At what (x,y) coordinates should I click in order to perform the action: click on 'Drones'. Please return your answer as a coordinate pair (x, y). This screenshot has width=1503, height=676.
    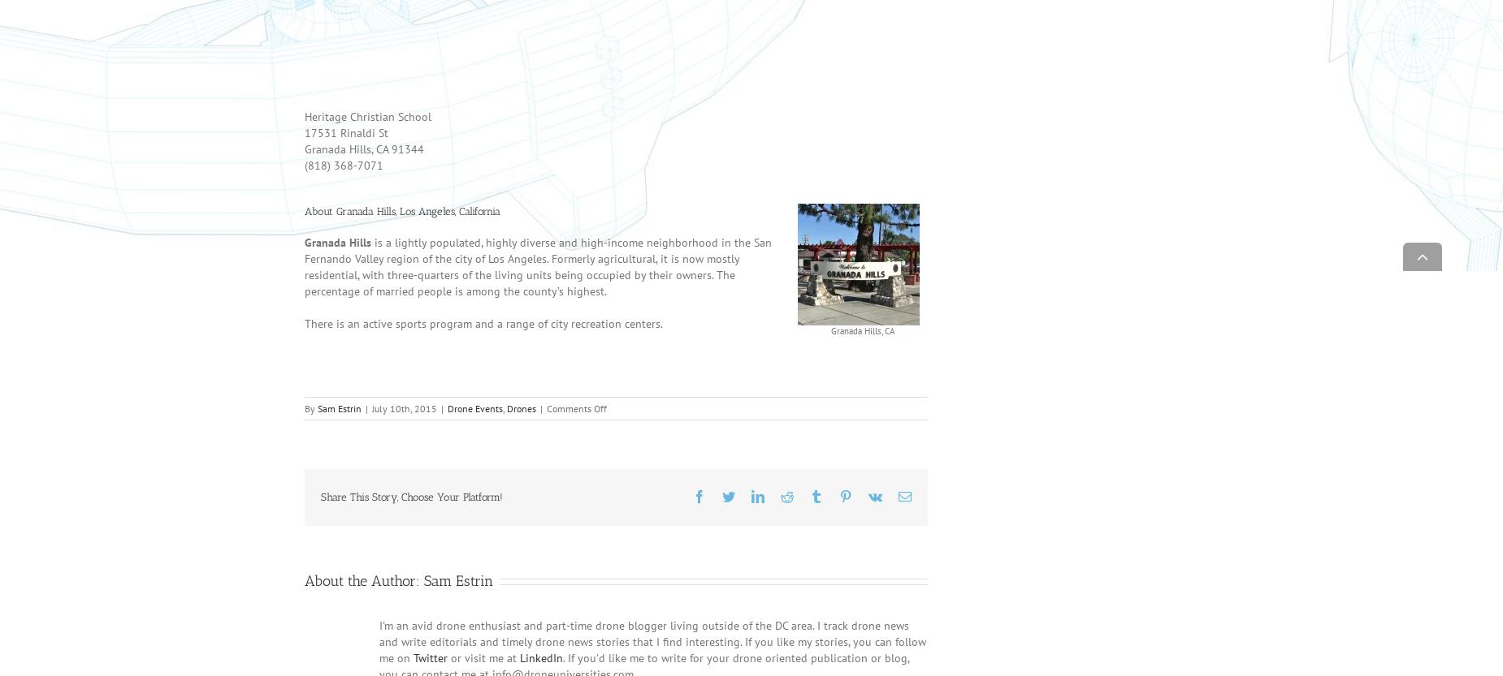
    Looking at the image, I should click on (521, 430).